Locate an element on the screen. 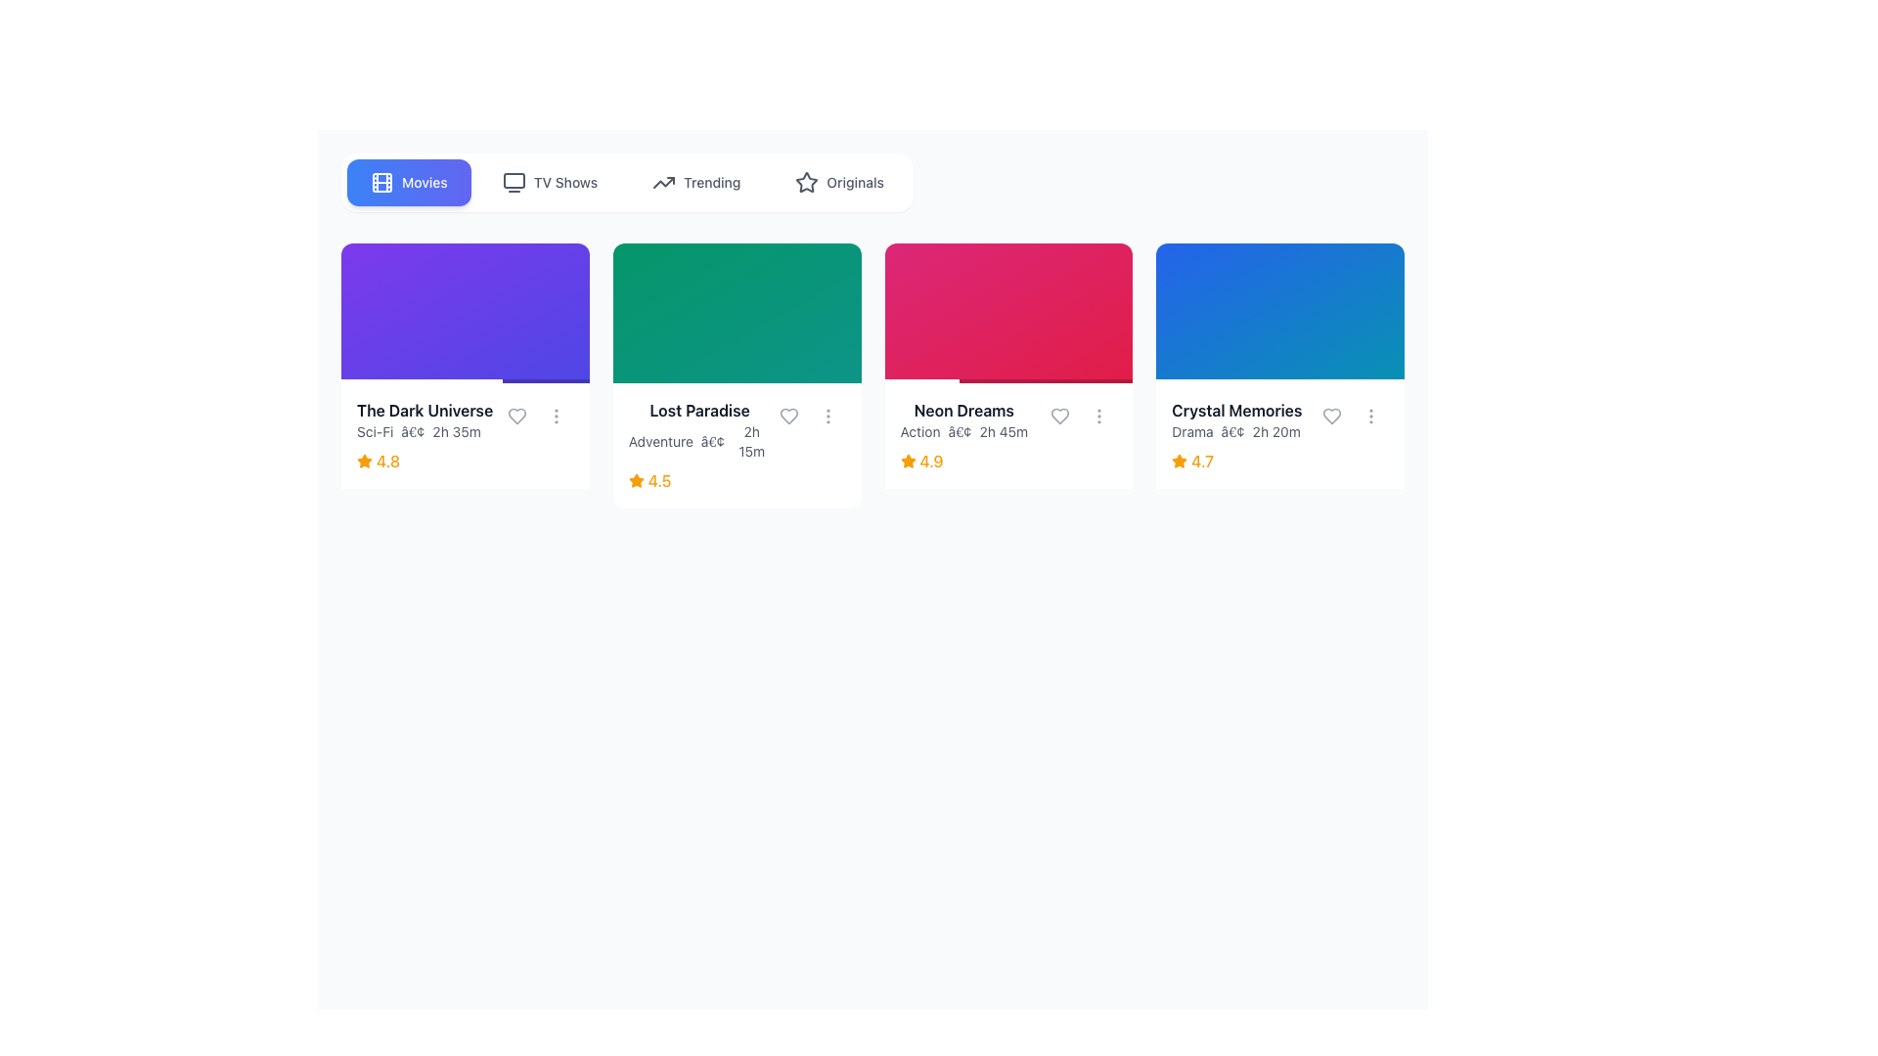  the visual separator element located between the label 'Adventure' and the duration '2h 15m' in the second card of the horizontally arranged movie cards is located at coordinates (711, 441).